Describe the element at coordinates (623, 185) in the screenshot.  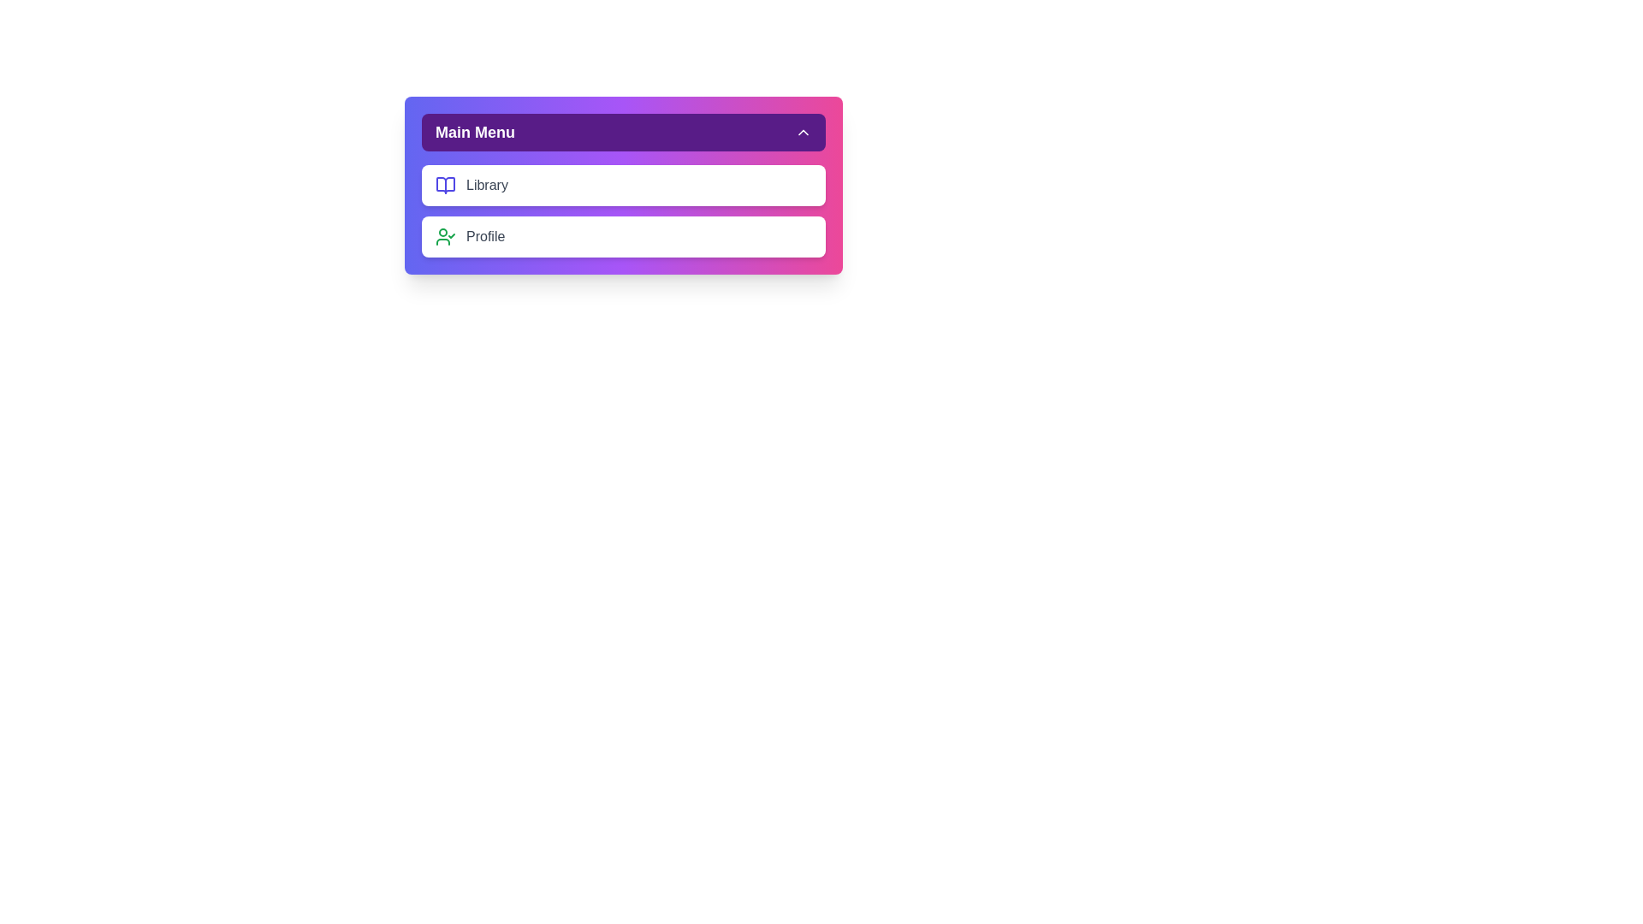
I see `the menu block located at the upper section of the interface, which provides access to the 'Library' and 'Profile' sections` at that location.